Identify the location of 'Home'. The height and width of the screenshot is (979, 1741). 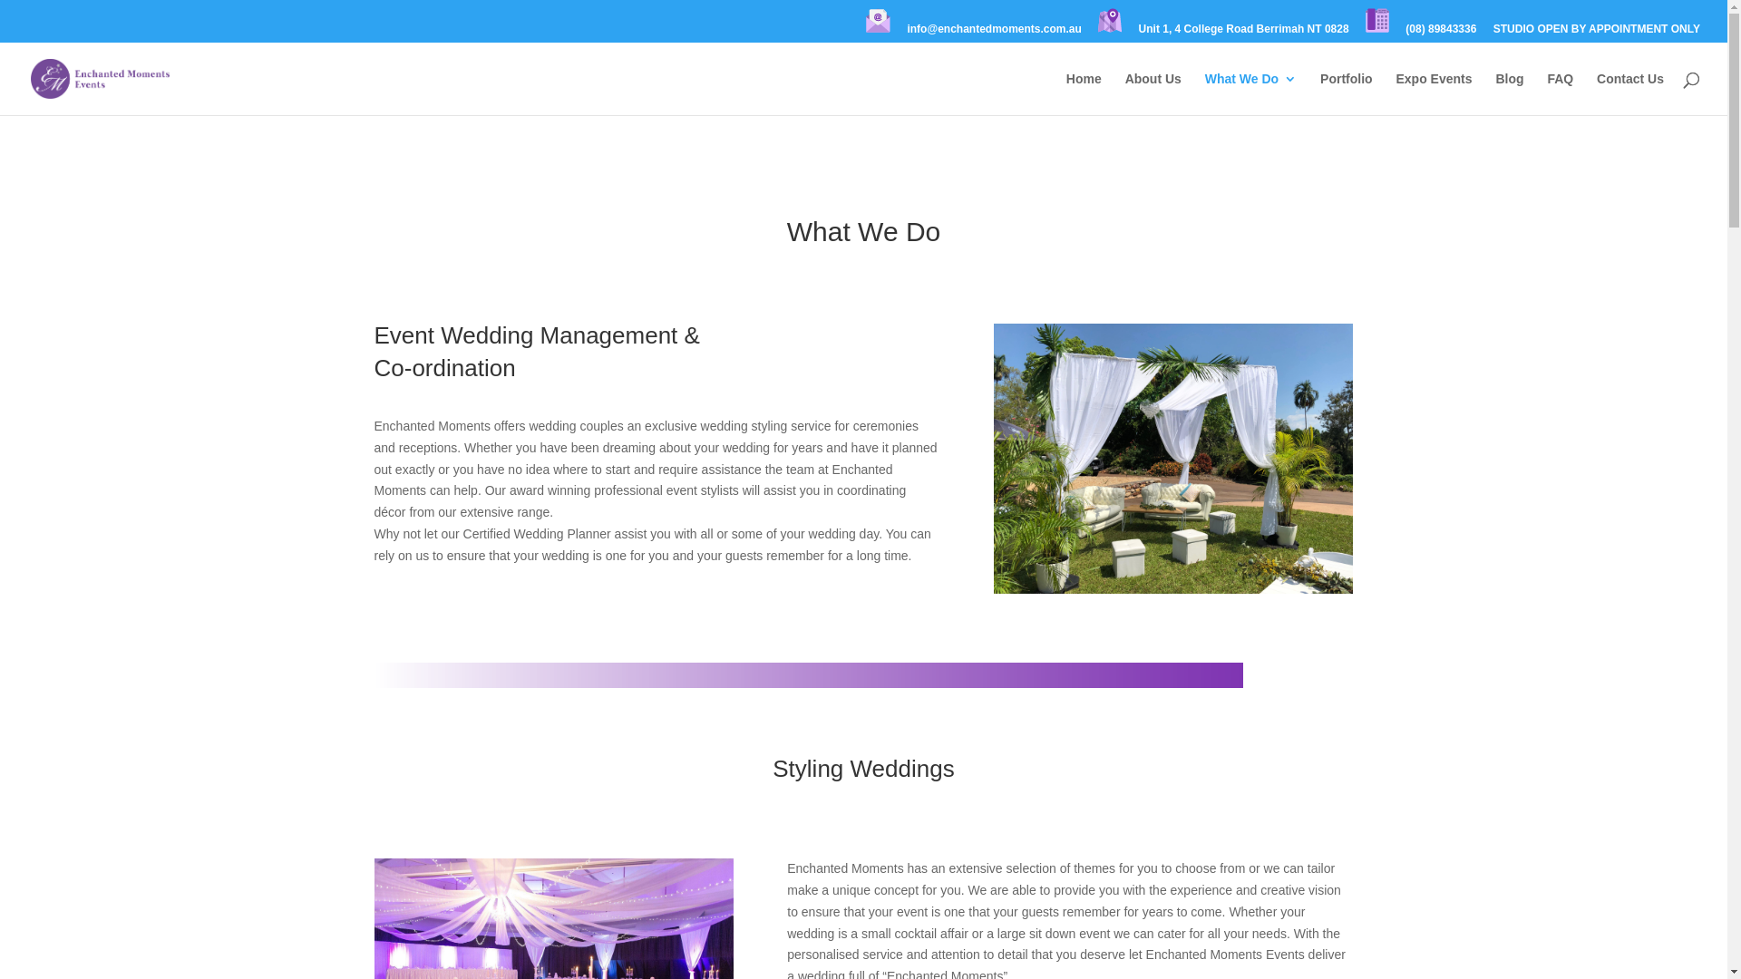
(1084, 93).